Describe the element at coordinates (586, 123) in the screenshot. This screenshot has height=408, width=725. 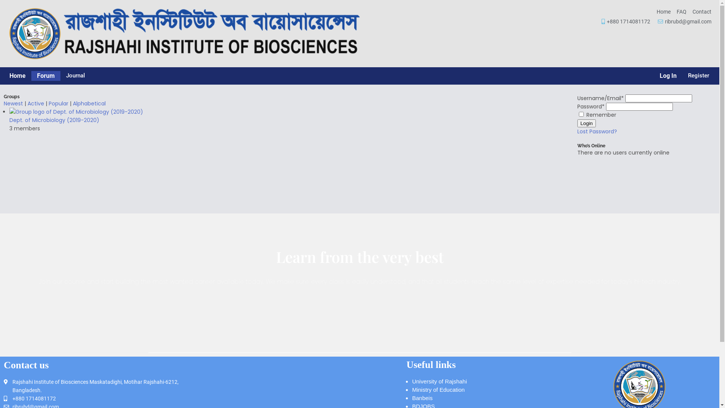
I see `'Login'` at that location.